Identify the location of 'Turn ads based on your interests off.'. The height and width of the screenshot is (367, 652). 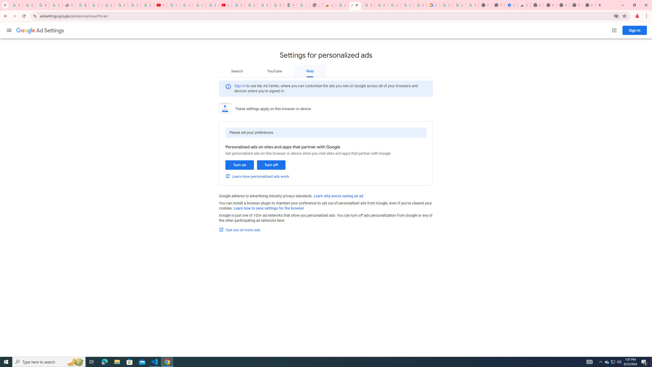
(271, 165).